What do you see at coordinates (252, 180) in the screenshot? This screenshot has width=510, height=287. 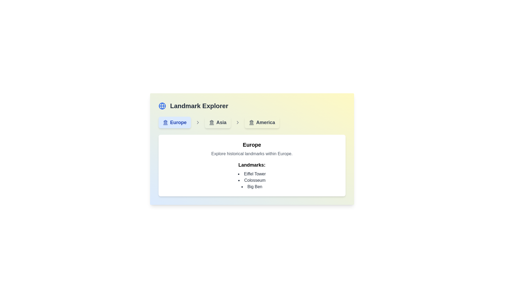 I see `the bulleted list of historical landmarks ('Eiffel Tower,' 'Colosseum,' and 'Big Ben') located under the header 'Landmarks:' in the 'Europe' card` at bounding box center [252, 180].